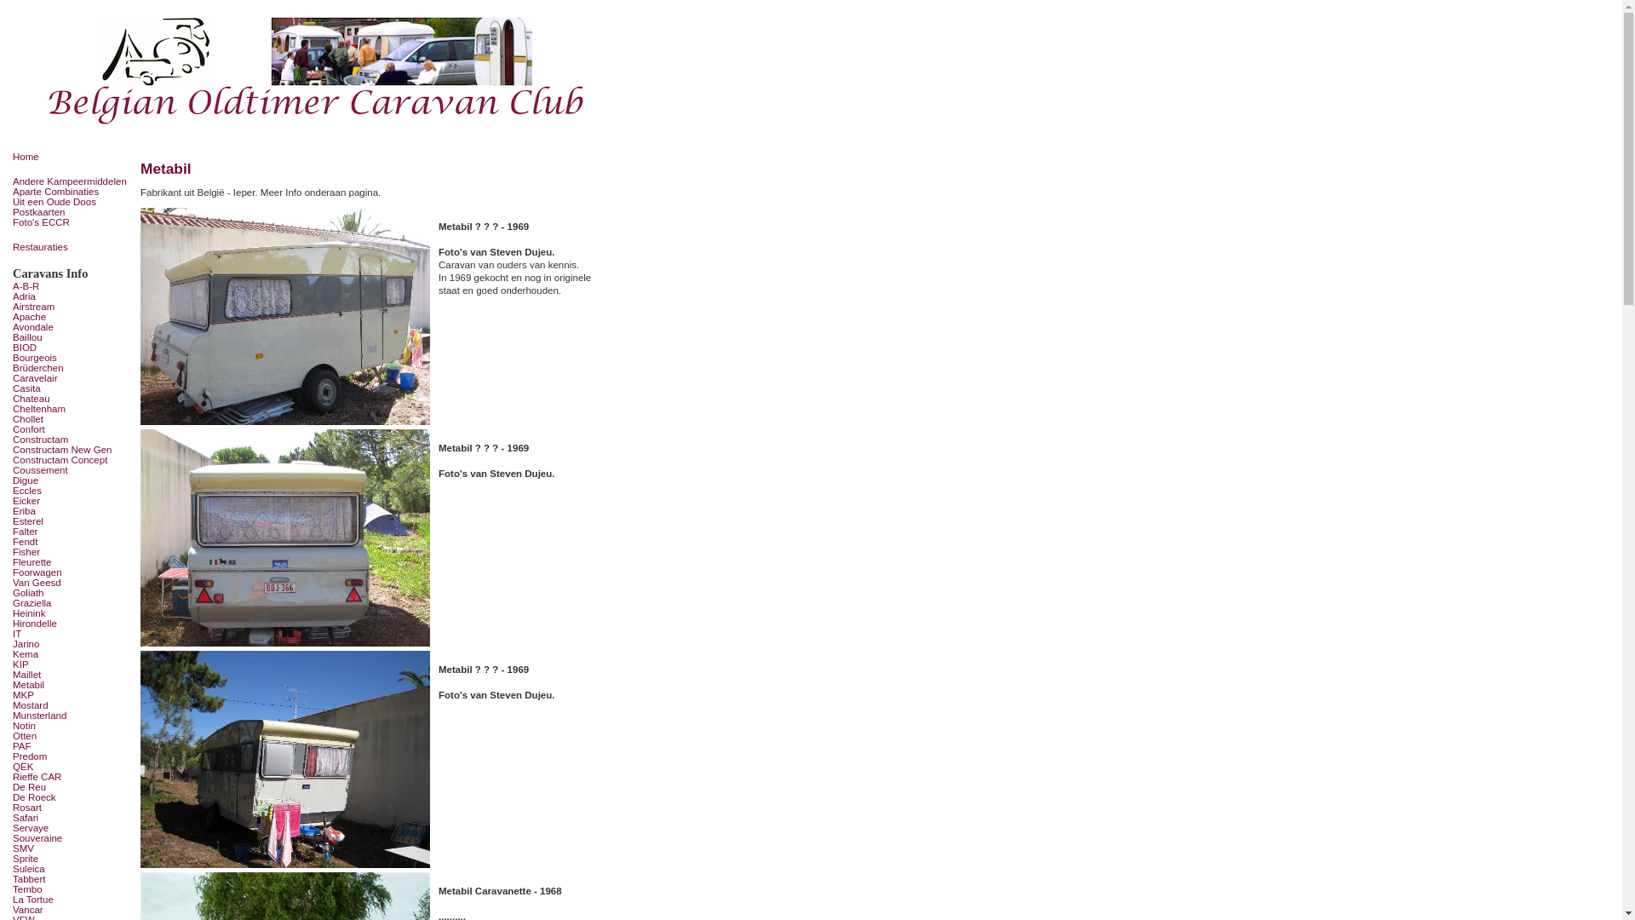  I want to click on 'Fleurette', so click(72, 561).